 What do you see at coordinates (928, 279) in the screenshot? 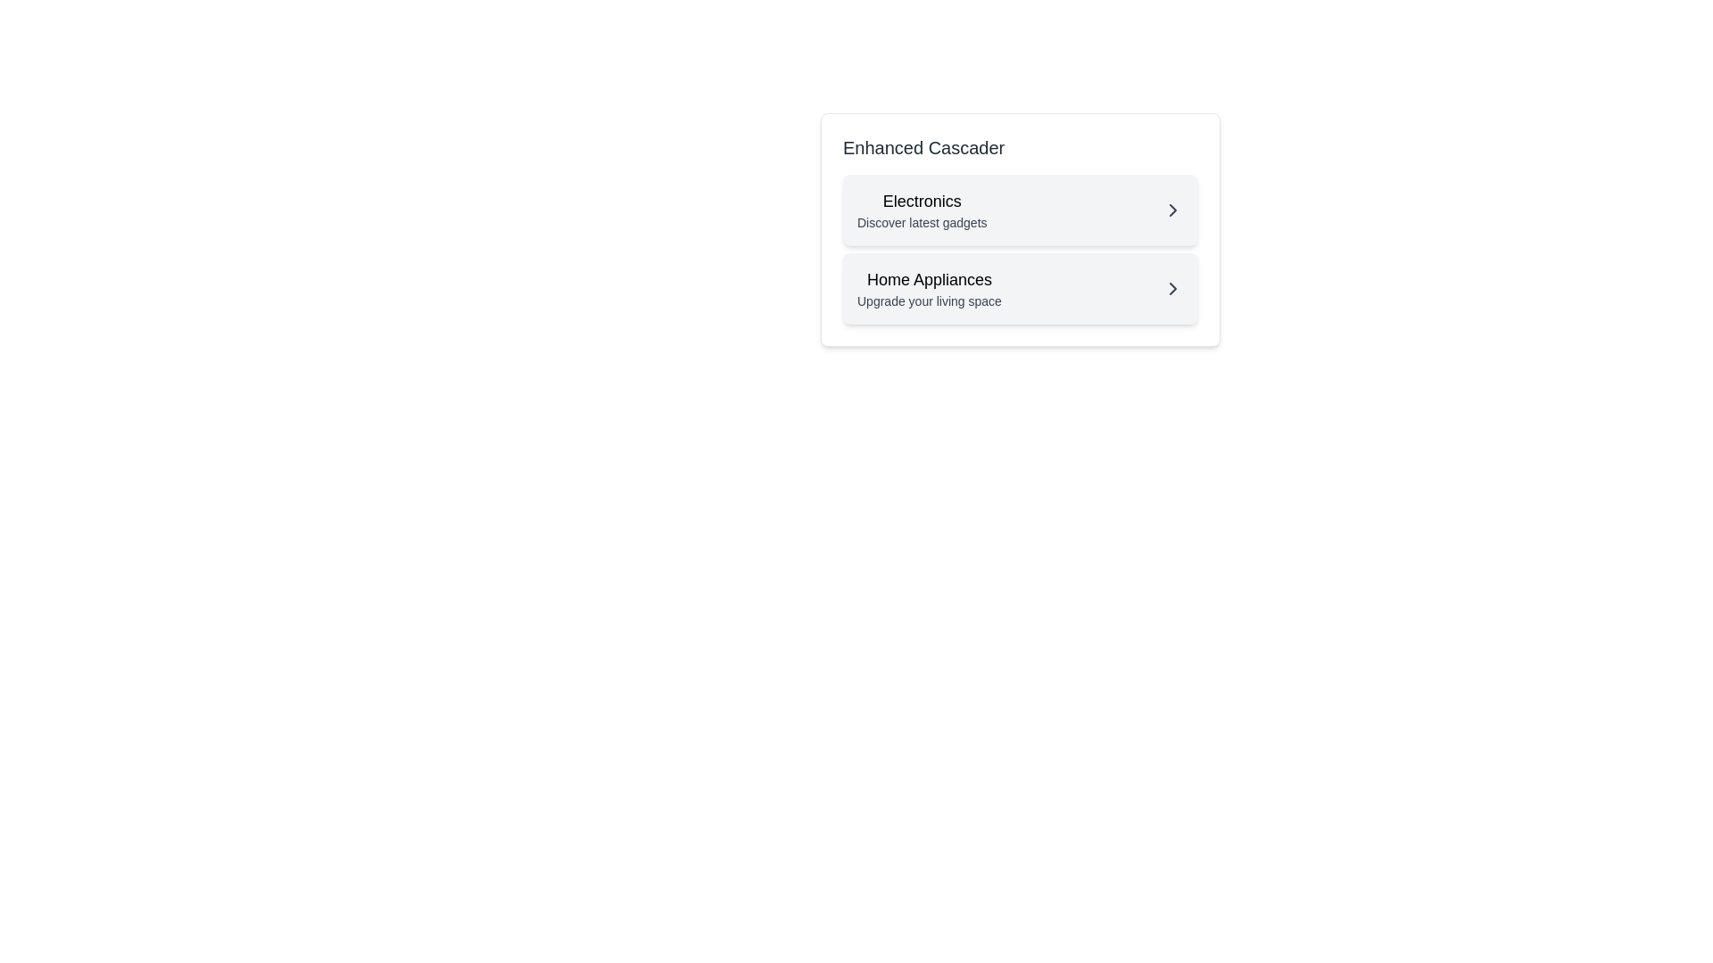
I see `the category label for home appliances located in the second row of the 'Enhanced Cascader' section, positioned below 'Electronics' and above the descriptive text 'Upgrade your living space'` at bounding box center [928, 279].